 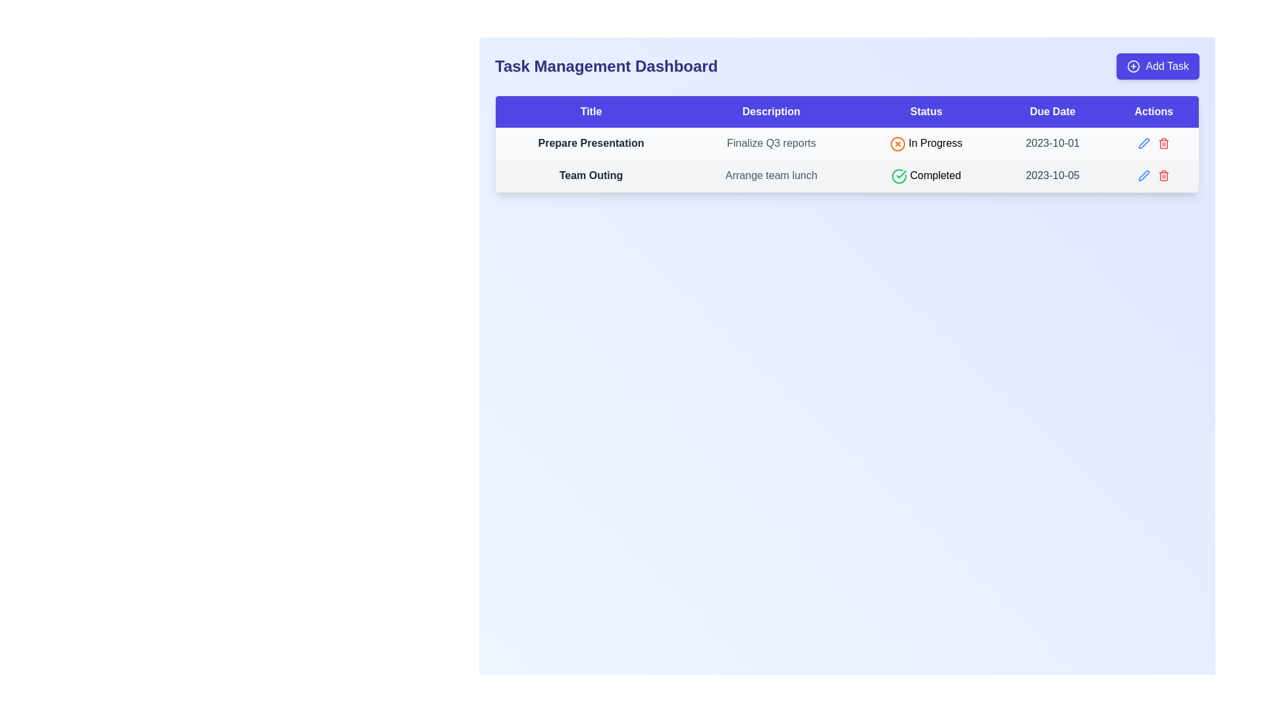 I want to click on the right icon in the Actions column of the second row of the table, so click(x=1153, y=175).